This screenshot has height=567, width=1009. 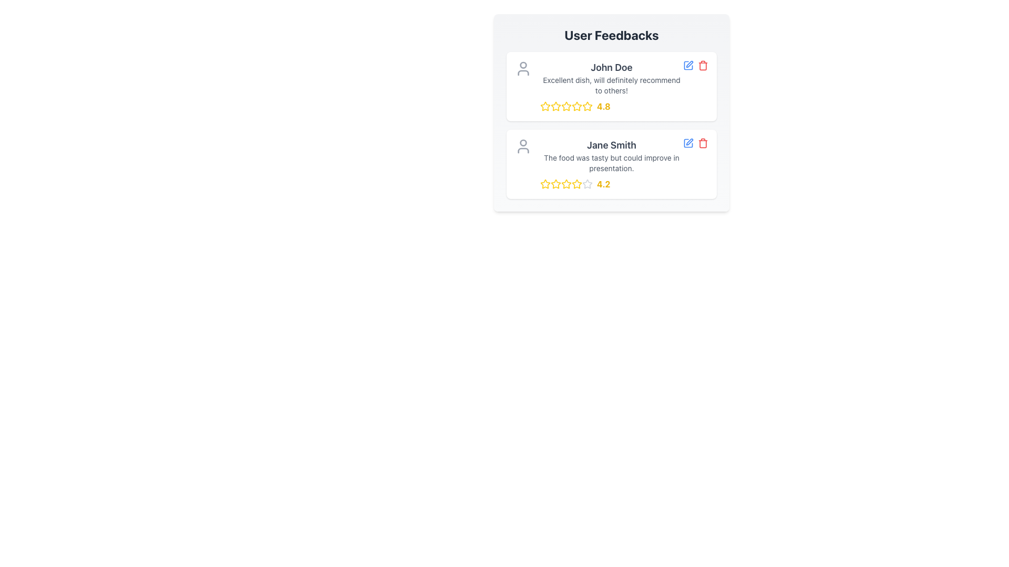 What do you see at coordinates (545, 183) in the screenshot?
I see `the first star-shaped icon with a yellow outline in the rating section of the feedback item titled 'Jane Smith'` at bounding box center [545, 183].